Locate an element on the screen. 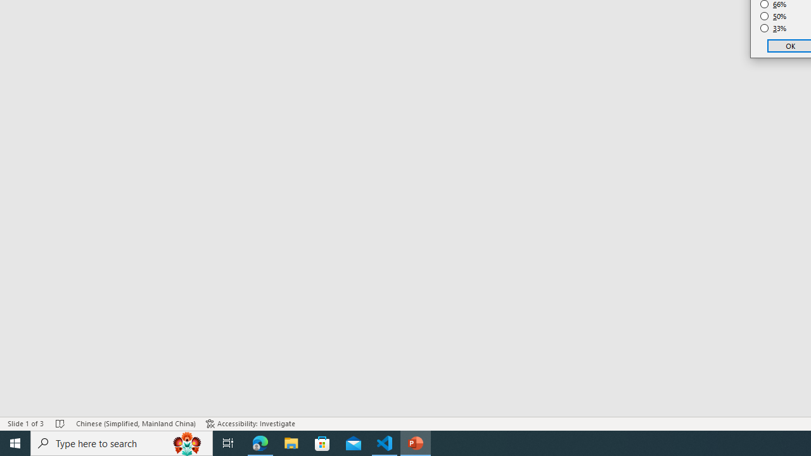  '33%' is located at coordinates (773, 28).